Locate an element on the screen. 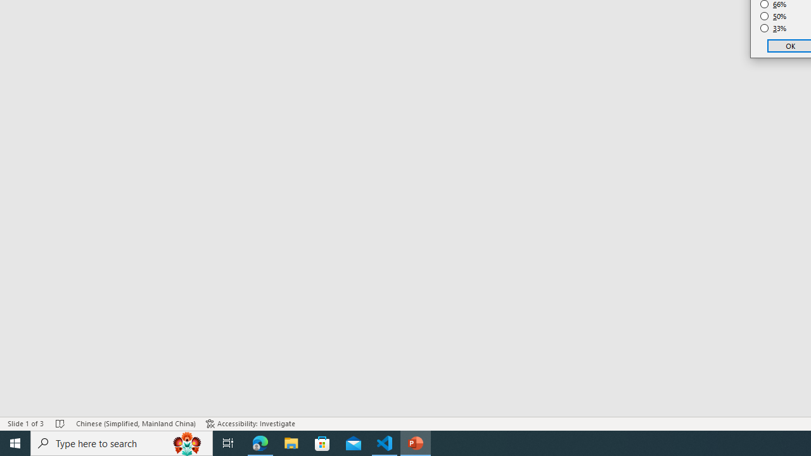  '33%' is located at coordinates (773, 28).